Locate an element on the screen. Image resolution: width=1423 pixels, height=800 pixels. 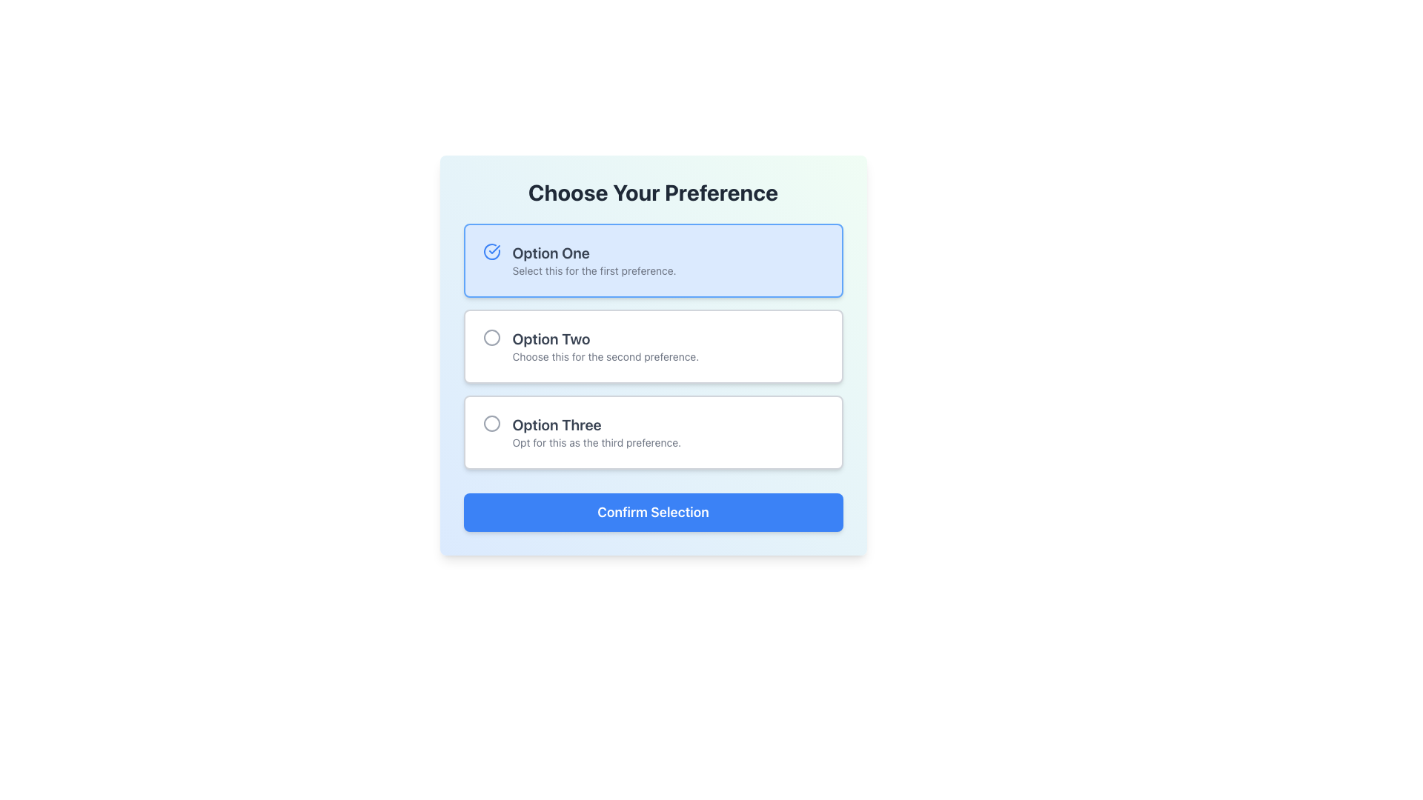
the descriptive text element that provides additional information for the 'Option Two' choice, located centrally in the layout under 'Option Two' is located at coordinates (606, 357).